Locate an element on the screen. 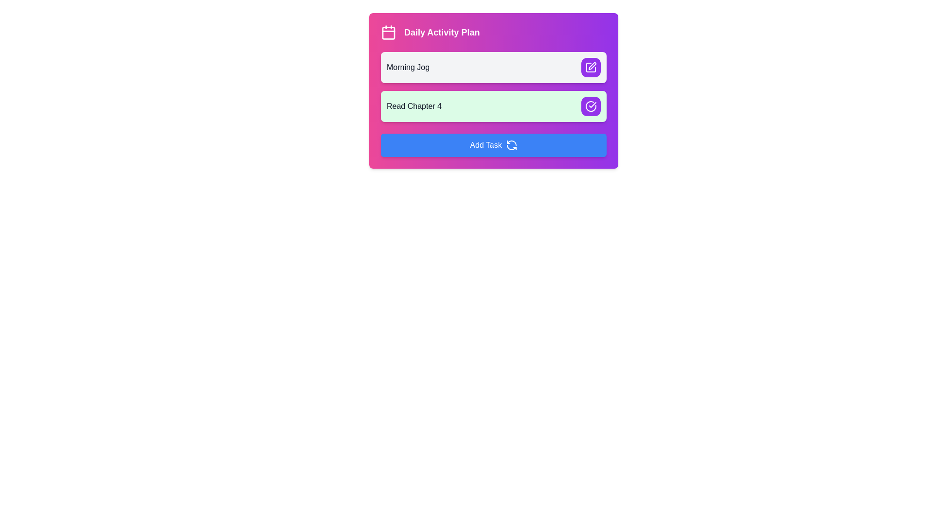 This screenshot has width=934, height=525. the text label displaying the name of a task in the daily planner interface, located in the upper section above the 'Read Chapter 4' item is located at coordinates (408, 67).